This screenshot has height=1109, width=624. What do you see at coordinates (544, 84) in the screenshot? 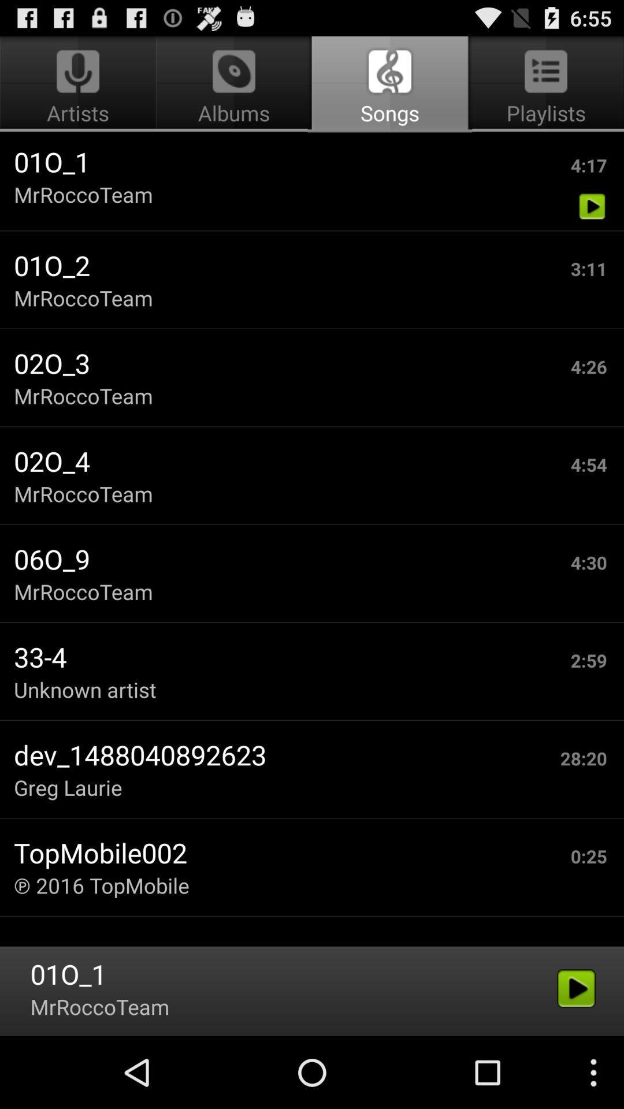
I see `the playlists icon` at bounding box center [544, 84].